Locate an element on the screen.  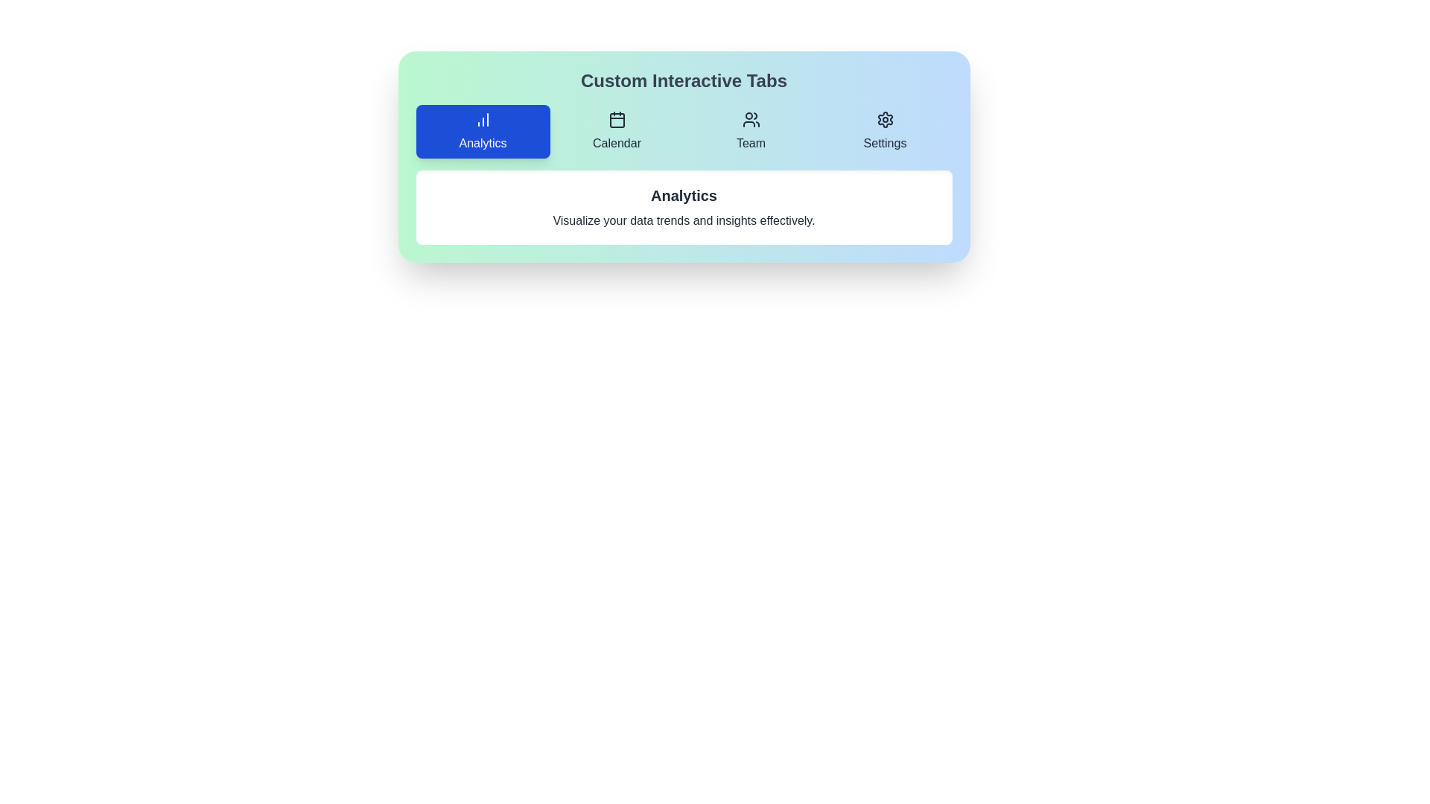
the 'Team' label located beneath the third icon in the top navigation bar, which provides context for the corresponding tab is located at coordinates (751, 143).